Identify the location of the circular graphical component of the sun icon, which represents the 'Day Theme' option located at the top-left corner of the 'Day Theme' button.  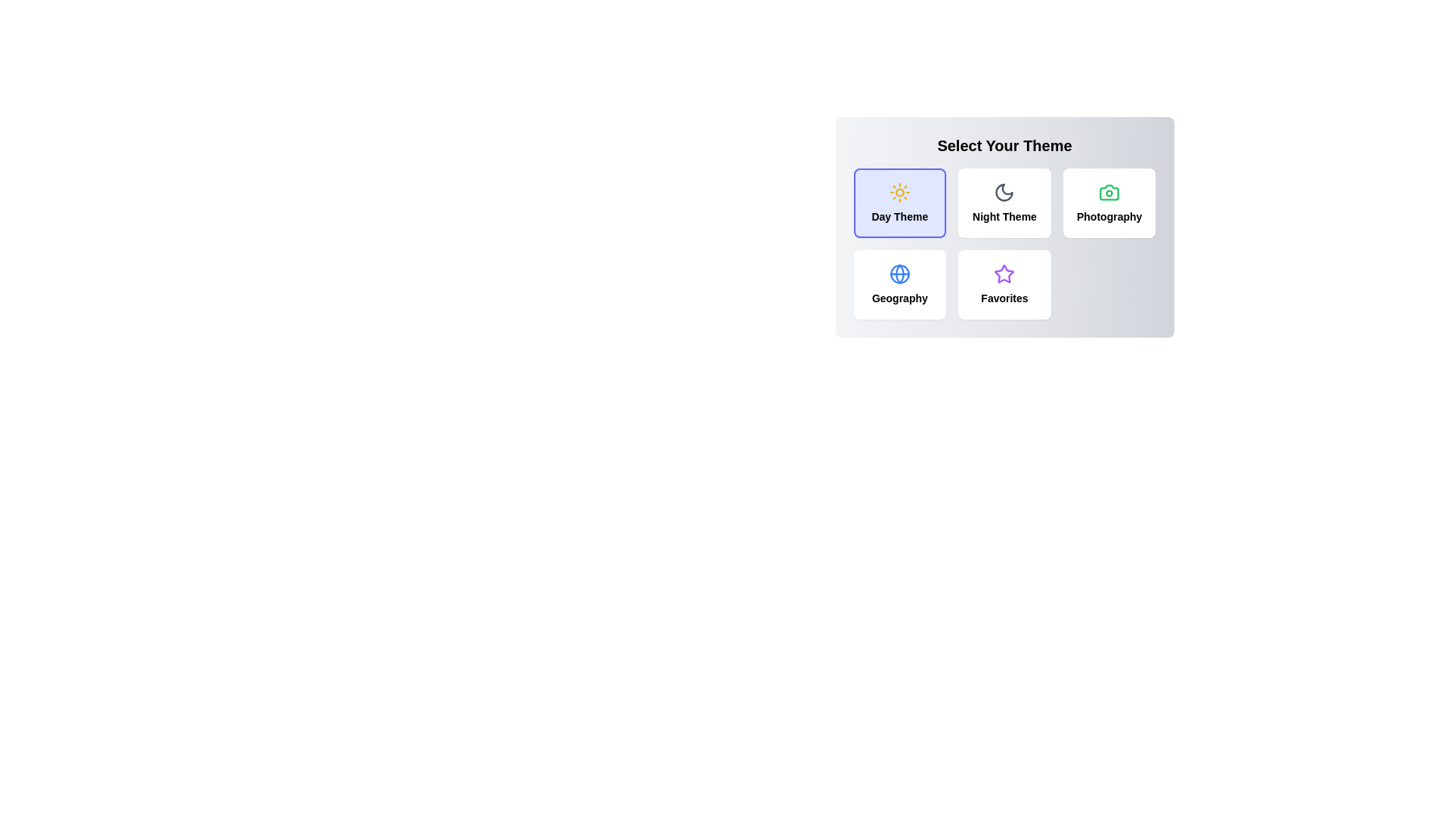
(899, 191).